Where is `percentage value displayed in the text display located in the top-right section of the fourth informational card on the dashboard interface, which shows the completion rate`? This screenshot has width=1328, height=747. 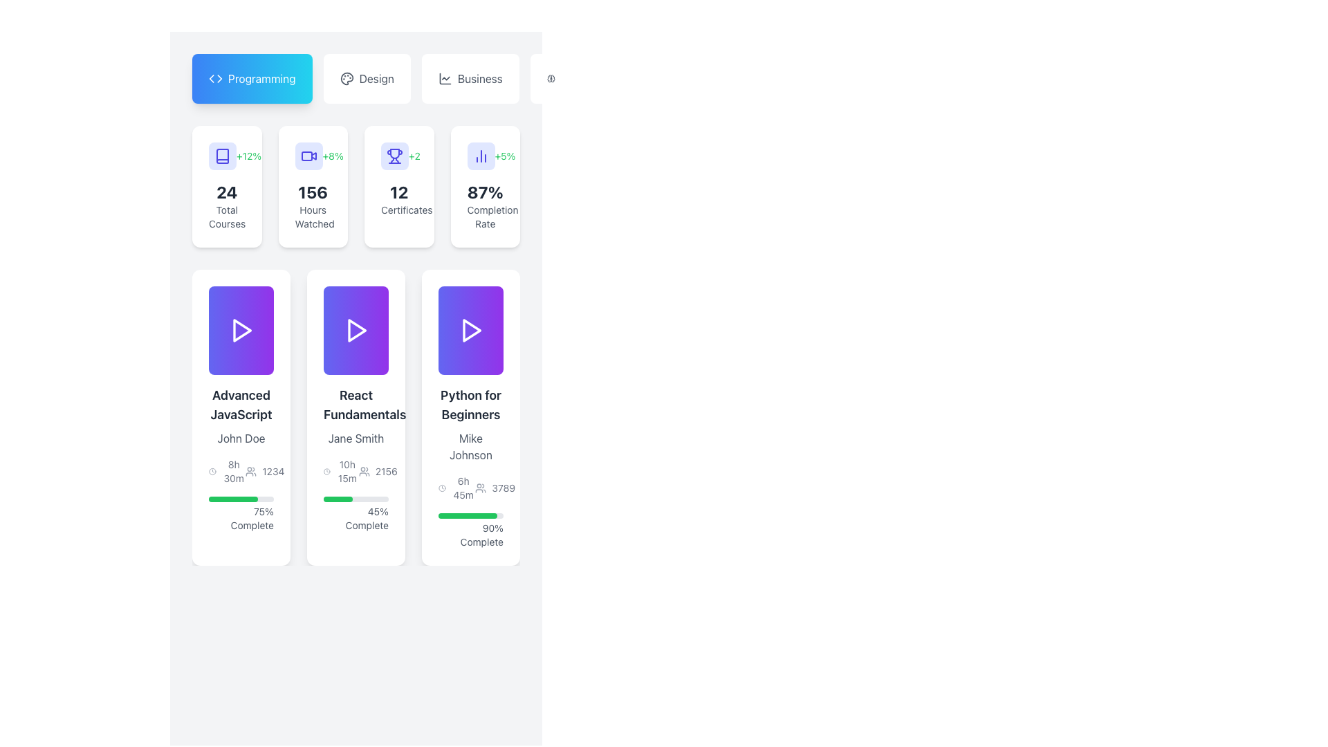 percentage value displayed in the text display located in the top-right section of the fourth informational card on the dashboard interface, which shows the completion rate is located at coordinates (485, 192).